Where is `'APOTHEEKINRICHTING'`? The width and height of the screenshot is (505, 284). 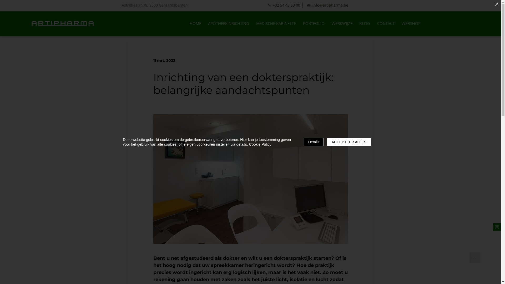 'APOTHEEKINRICHTING' is located at coordinates (229, 23).